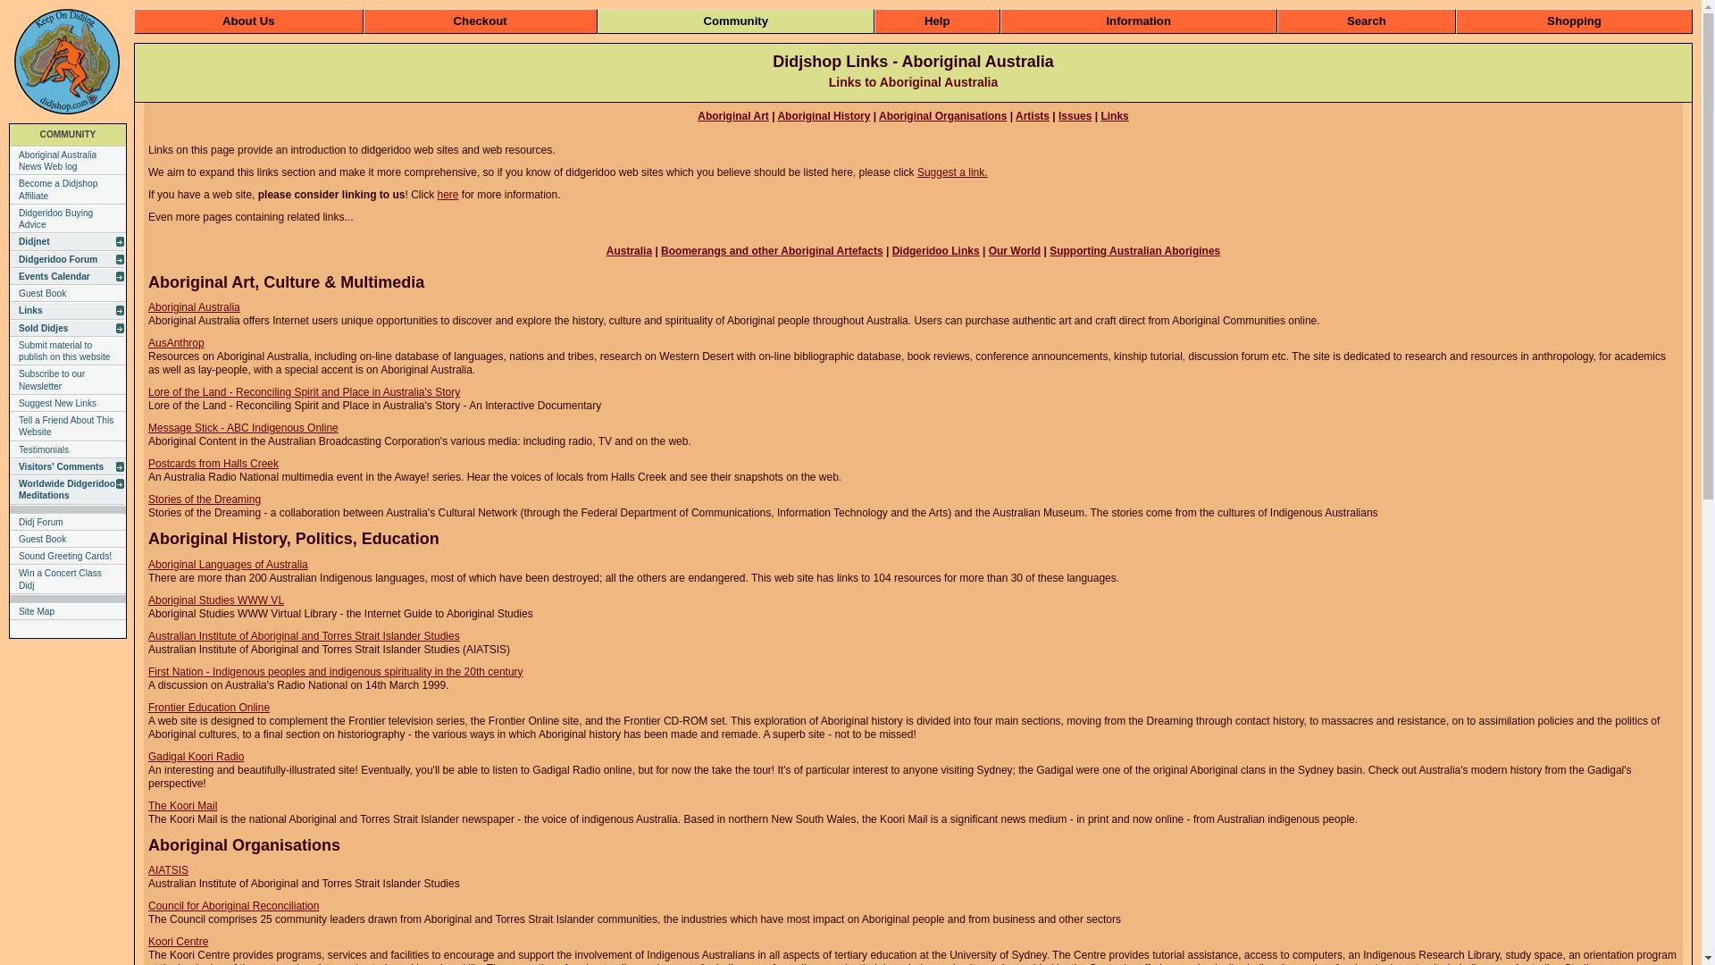 Image resolution: width=1715 pixels, height=965 pixels. Describe the element at coordinates (9, 309) in the screenshot. I see `'Links'` at that location.